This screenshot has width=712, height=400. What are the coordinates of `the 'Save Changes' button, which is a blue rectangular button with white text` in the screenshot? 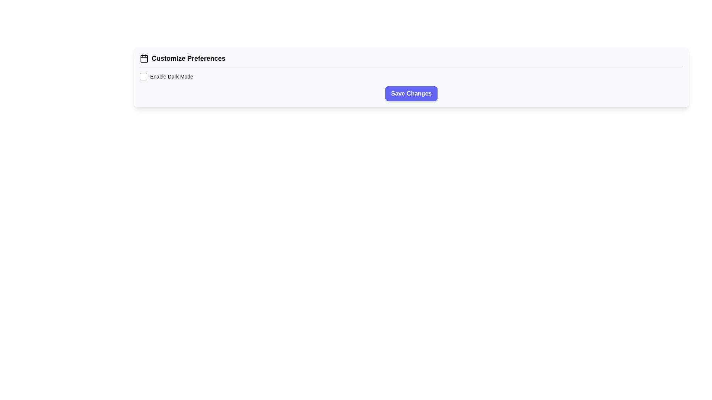 It's located at (411, 93).